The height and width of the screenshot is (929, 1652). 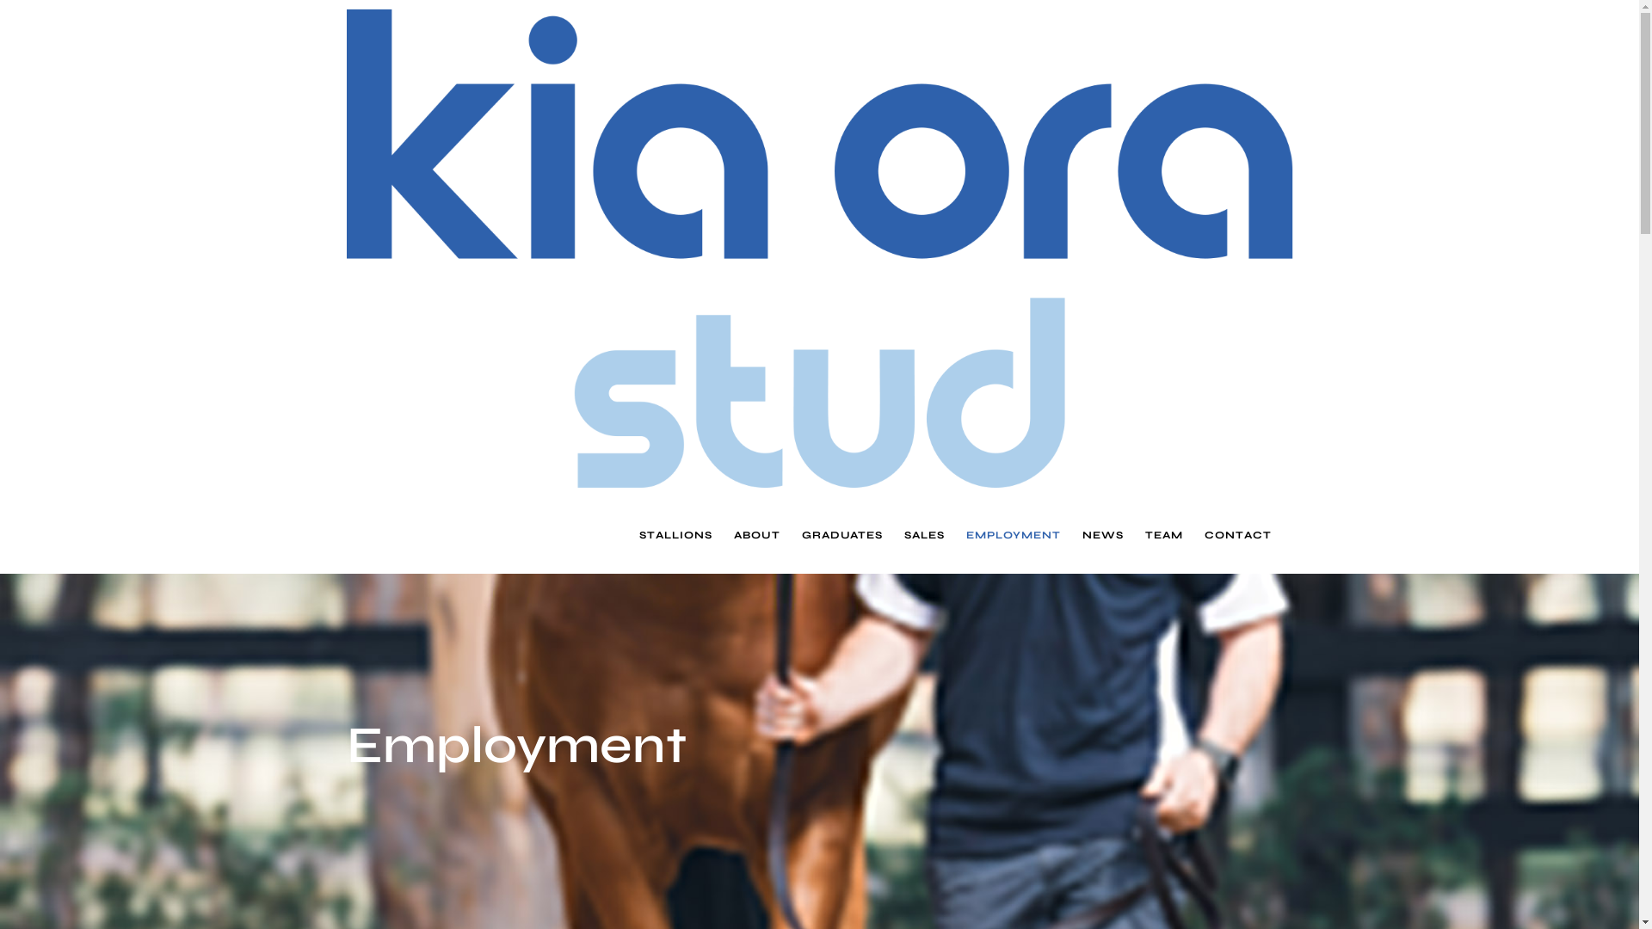 What do you see at coordinates (922, 533) in the screenshot?
I see `'SALES'` at bounding box center [922, 533].